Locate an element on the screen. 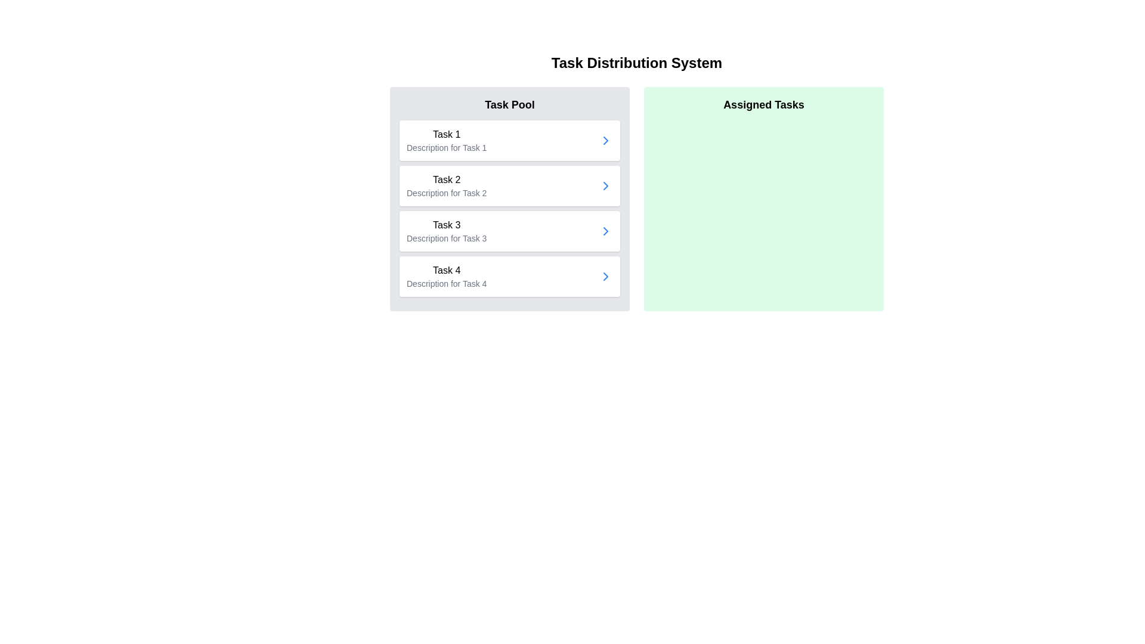 Image resolution: width=1145 pixels, height=644 pixels. text label that serves as the title of Task 3, located in the third task panel of the 'Task Pool' section, positioned above the description text 'Description for Task 3' is located at coordinates (446, 225).